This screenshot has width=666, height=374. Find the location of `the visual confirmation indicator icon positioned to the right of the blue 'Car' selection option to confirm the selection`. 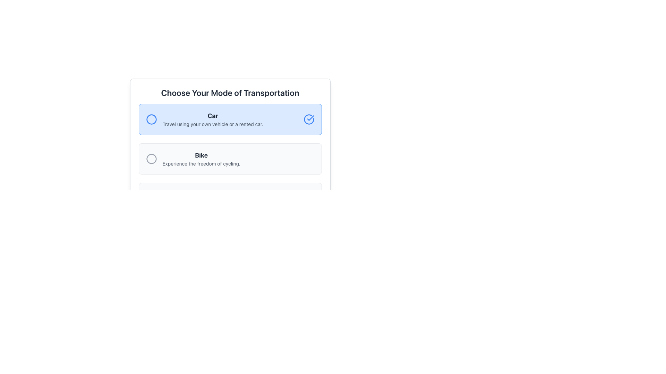

the visual confirmation indicator icon positioned to the right of the blue 'Car' selection option to confirm the selection is located at coordinates (308, 118).